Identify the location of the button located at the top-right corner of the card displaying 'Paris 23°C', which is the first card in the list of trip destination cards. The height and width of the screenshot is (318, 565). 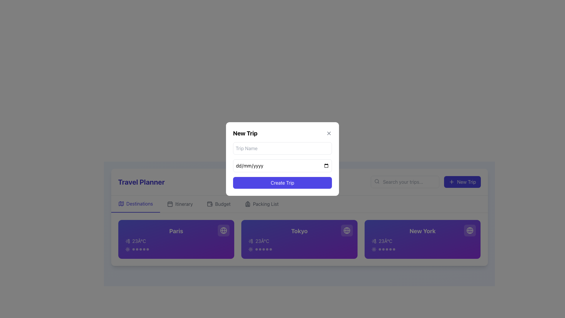
(223, 230).